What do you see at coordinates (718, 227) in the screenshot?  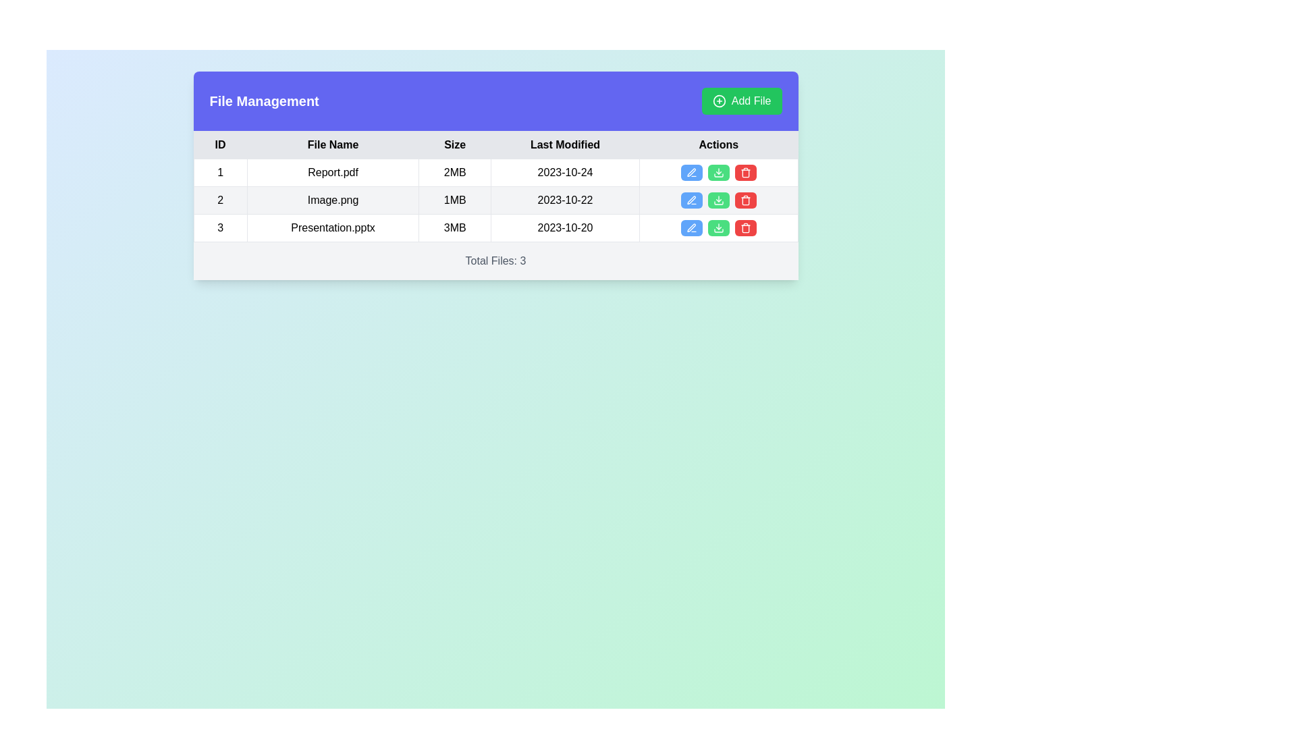 I see `the green button with white text and a download icon, which is the second button from the right in the actions column of the last row in the table, to initiate a download` at bounding box center [718, 227].